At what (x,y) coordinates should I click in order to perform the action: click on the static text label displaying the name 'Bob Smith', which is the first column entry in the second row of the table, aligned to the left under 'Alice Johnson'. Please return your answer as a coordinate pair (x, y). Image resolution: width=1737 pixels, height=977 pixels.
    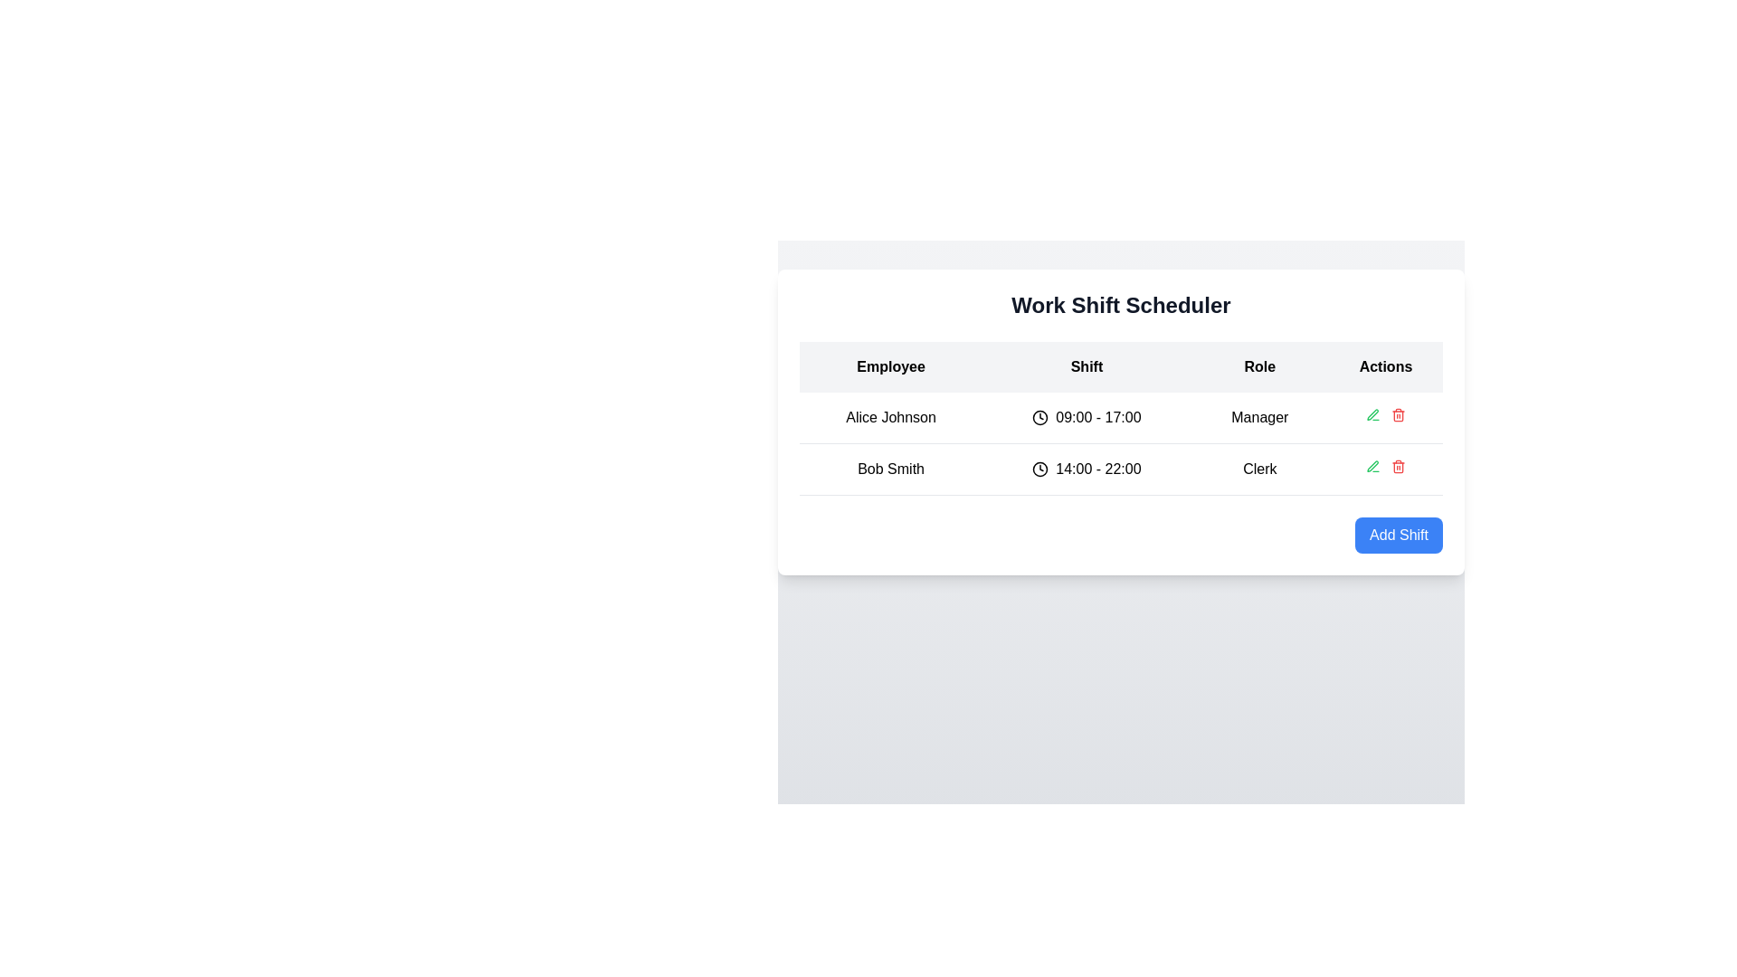
    Looking at the image, I should click on (891, 469).